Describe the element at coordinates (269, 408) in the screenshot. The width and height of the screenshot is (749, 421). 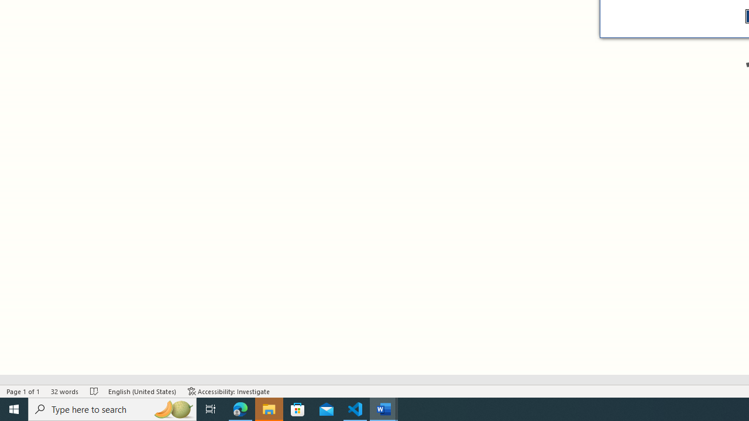
I see `'File Explorer - 1 running window'` at that location.